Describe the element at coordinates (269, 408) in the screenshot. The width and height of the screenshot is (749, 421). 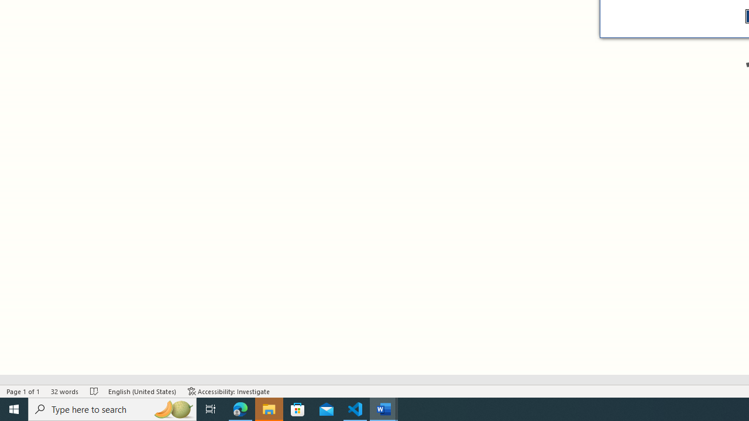
I see `'File Explorer - 1 running window'` at that location.